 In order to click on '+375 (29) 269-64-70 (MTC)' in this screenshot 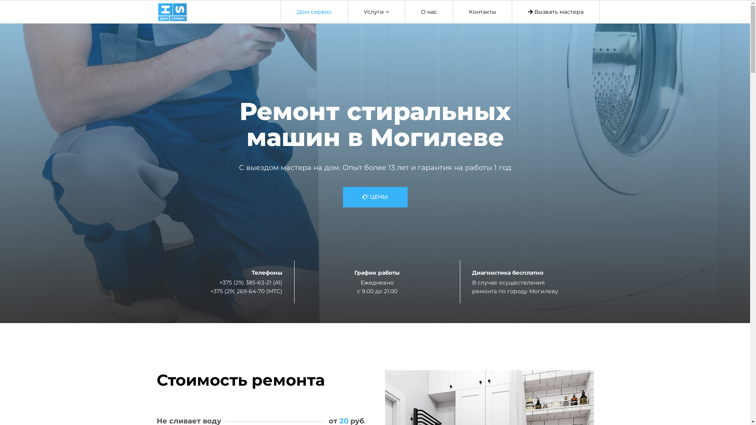, I will do `click(246, 291)`.